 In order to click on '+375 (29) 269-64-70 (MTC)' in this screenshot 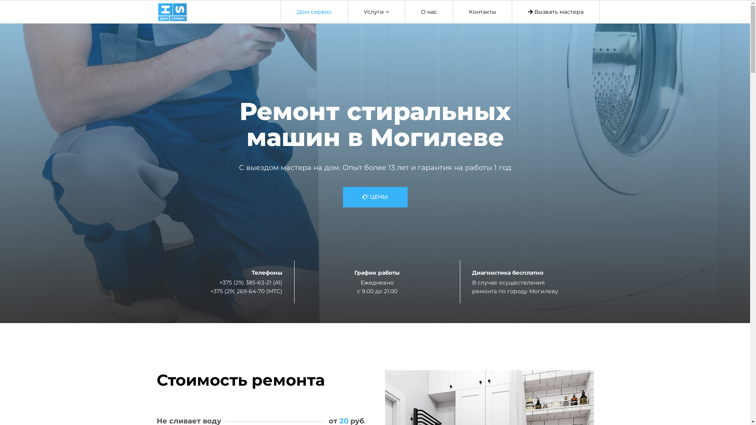, I will do `click(246, 291)`.